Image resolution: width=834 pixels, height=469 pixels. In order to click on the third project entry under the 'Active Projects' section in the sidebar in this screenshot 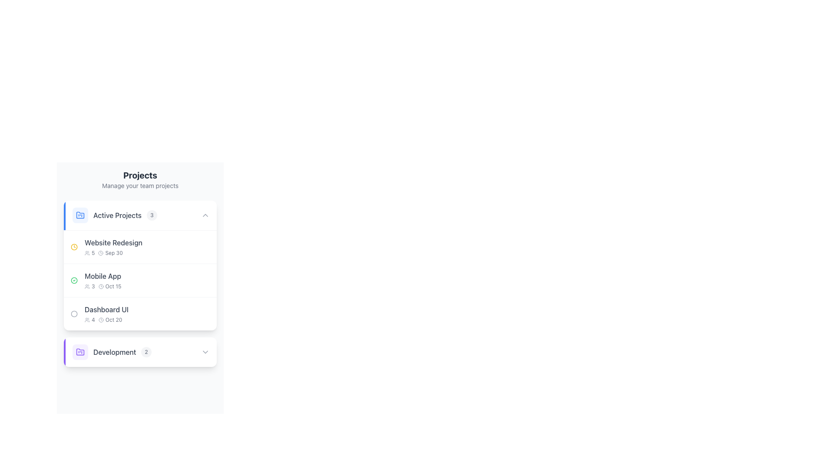, I will do `click(99, 314)`.